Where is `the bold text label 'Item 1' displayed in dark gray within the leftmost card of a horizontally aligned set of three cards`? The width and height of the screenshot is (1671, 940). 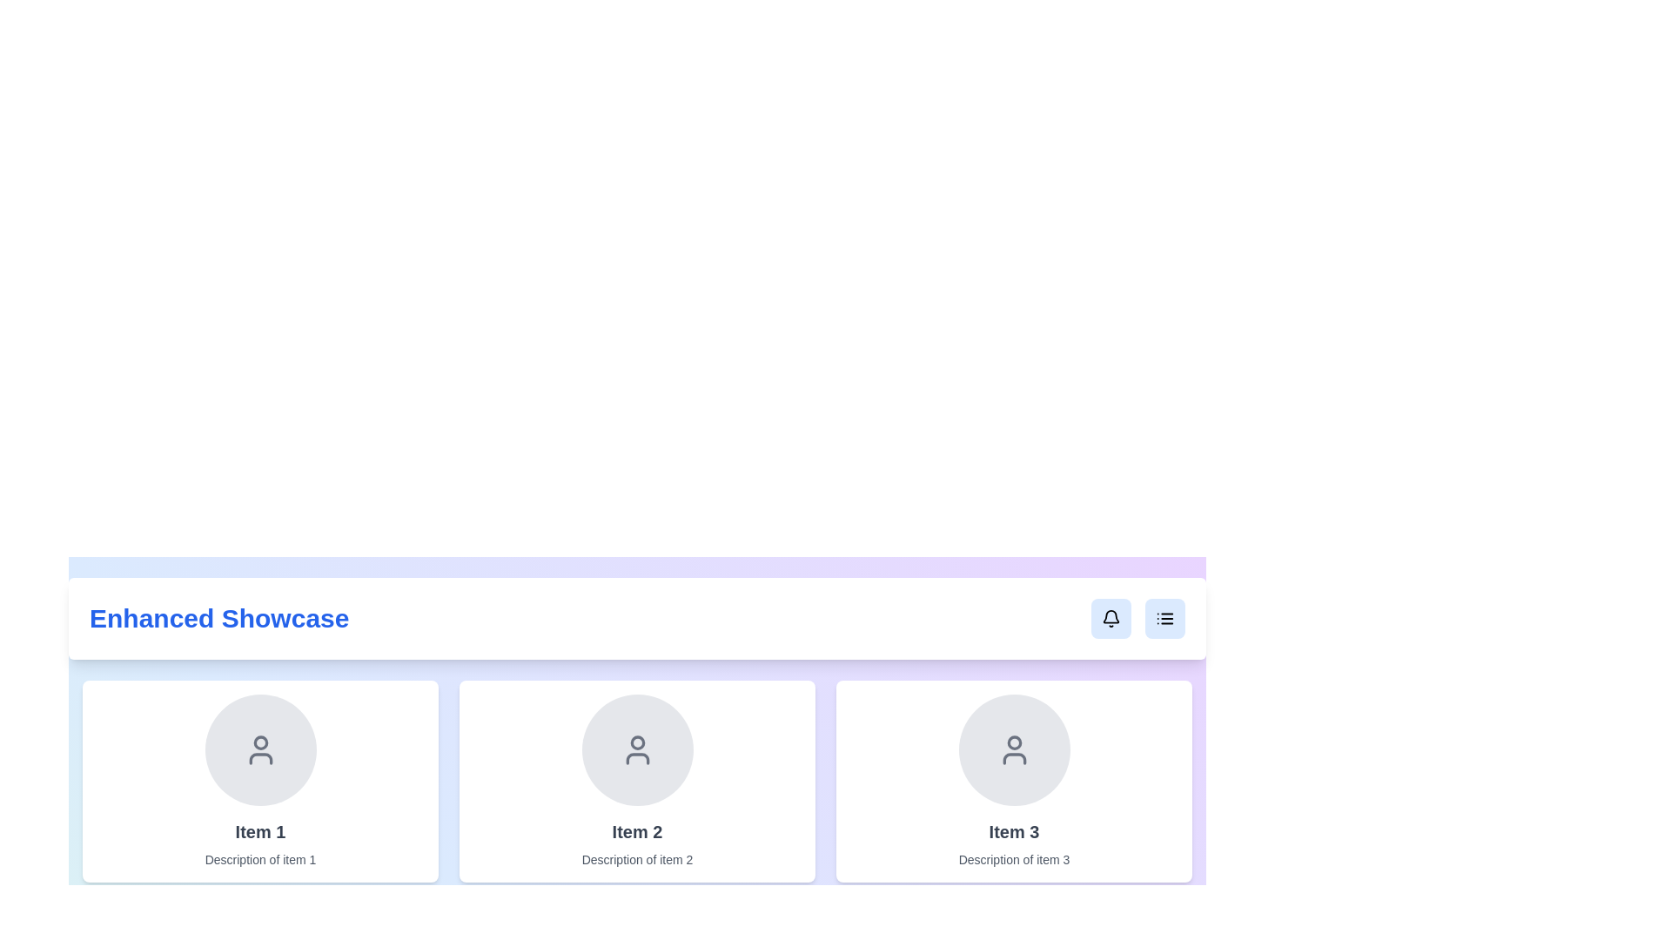
the bold text label 'Item 1' displayed in dark gray within the leftmost card of a horizontally aligned set of three cards is located at coordinates (259, 831).